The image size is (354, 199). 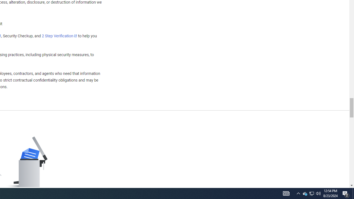 What do you see at coordinates (59, 36) in the screenshot?
I see `'2 Step Verification'` at bounding box center [59, 36].